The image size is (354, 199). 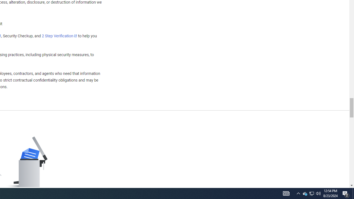 What do you see at coordinates (59, 36) in the screenshot?
I see `'2 Step Verification'` at bounding box center [59, 36].